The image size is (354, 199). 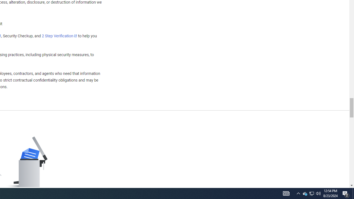 What do you see at coordinates (59, 36) in the screenshot?
I see `'2 Step Verification'` at bounding box center [59, 36].